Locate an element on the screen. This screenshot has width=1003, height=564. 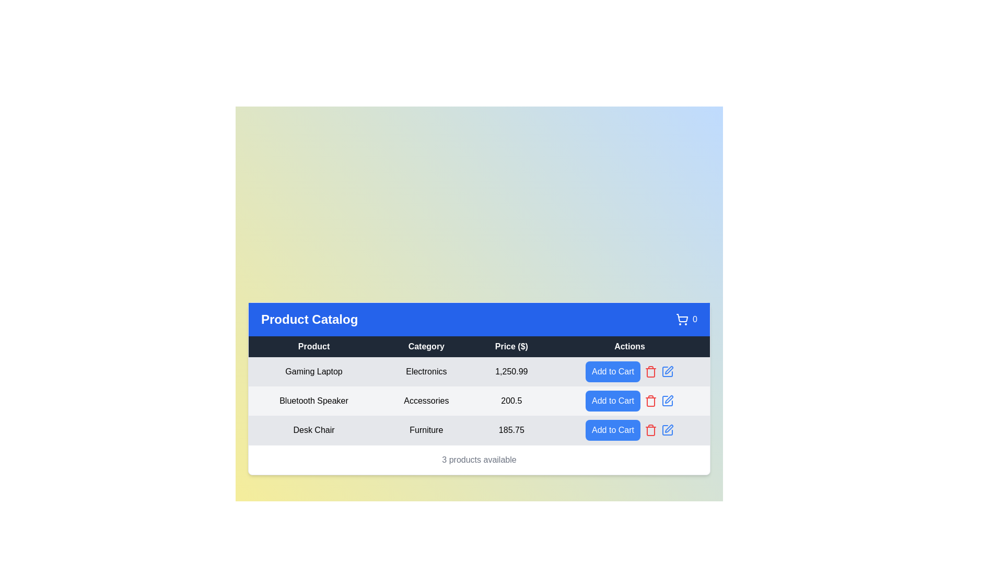
the text label displaying 'Electronics', which is styled with a light grey background and black text, located in the second cell of the first row under the 'Product' header in a tabular layout is located at coordinates (426, 371).